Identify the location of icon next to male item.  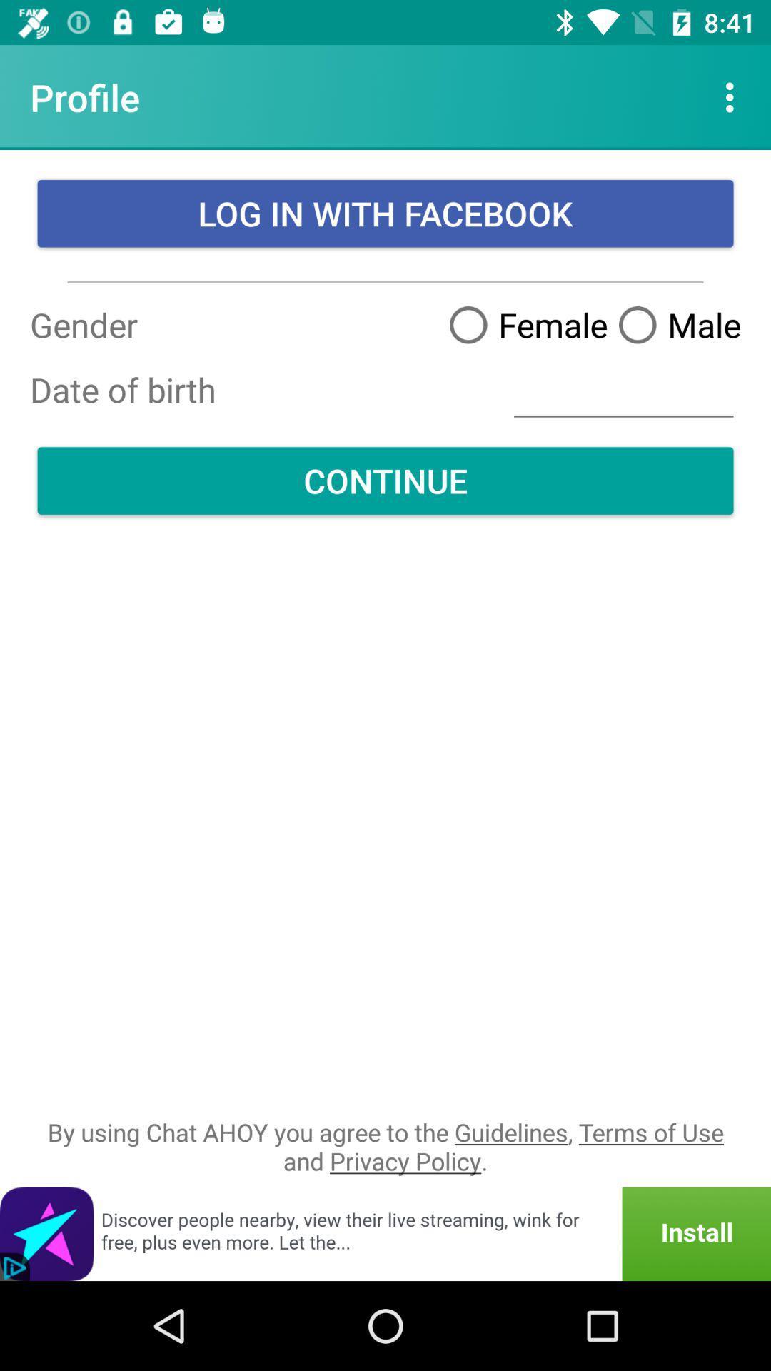
(523, 323).